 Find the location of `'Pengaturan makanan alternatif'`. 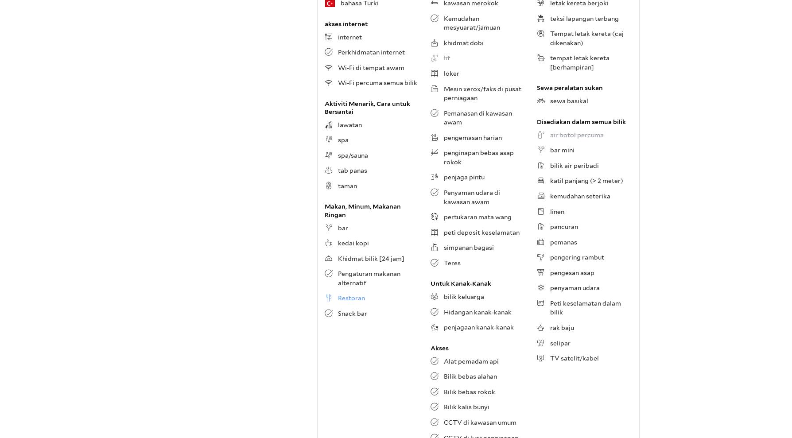

'Pengaturan makanan alternatif' is located at coordinates (369, 278).